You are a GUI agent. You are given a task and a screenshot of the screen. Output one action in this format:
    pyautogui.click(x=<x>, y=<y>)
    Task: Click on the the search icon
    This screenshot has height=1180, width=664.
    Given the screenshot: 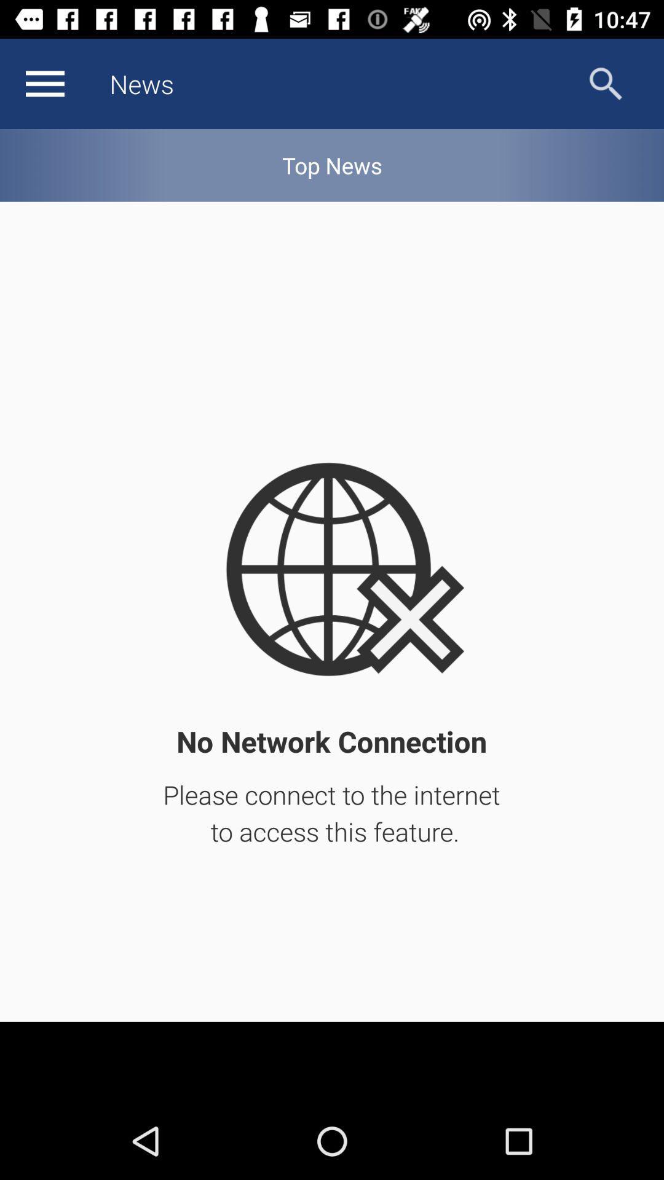 What is the action you would take?
    pyautogui.click(x=605, y=83)
    